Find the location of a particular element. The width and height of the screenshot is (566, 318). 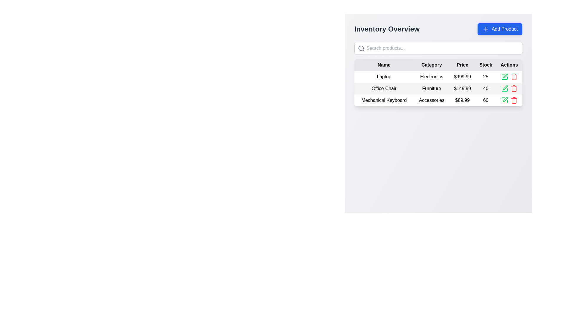

the stock quantity label for the 'Office Chair' product, located in the second row of the table under the 'Stock' column is located at coordinates (486, 88).